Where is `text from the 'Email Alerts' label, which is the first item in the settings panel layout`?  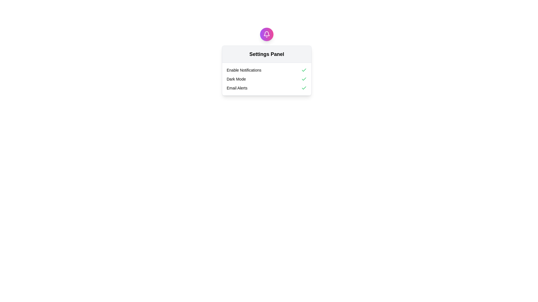 text from the 'Email Alerts' label, which is the first item in the settings panel layout is located at coordinates (237, 88).